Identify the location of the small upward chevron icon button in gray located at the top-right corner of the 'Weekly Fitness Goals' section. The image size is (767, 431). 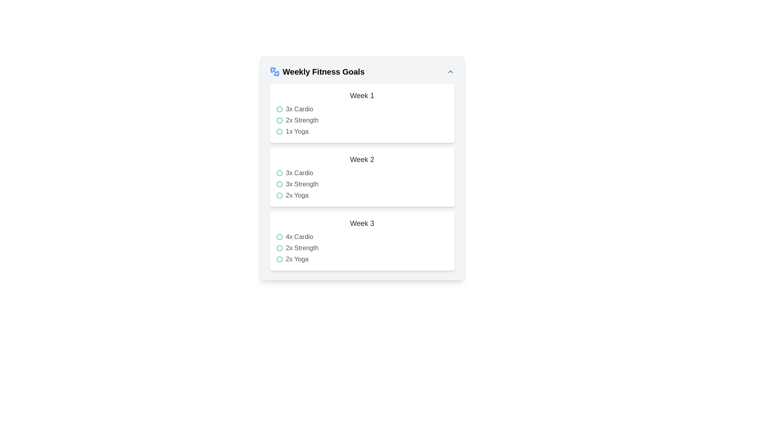
(450, 72).